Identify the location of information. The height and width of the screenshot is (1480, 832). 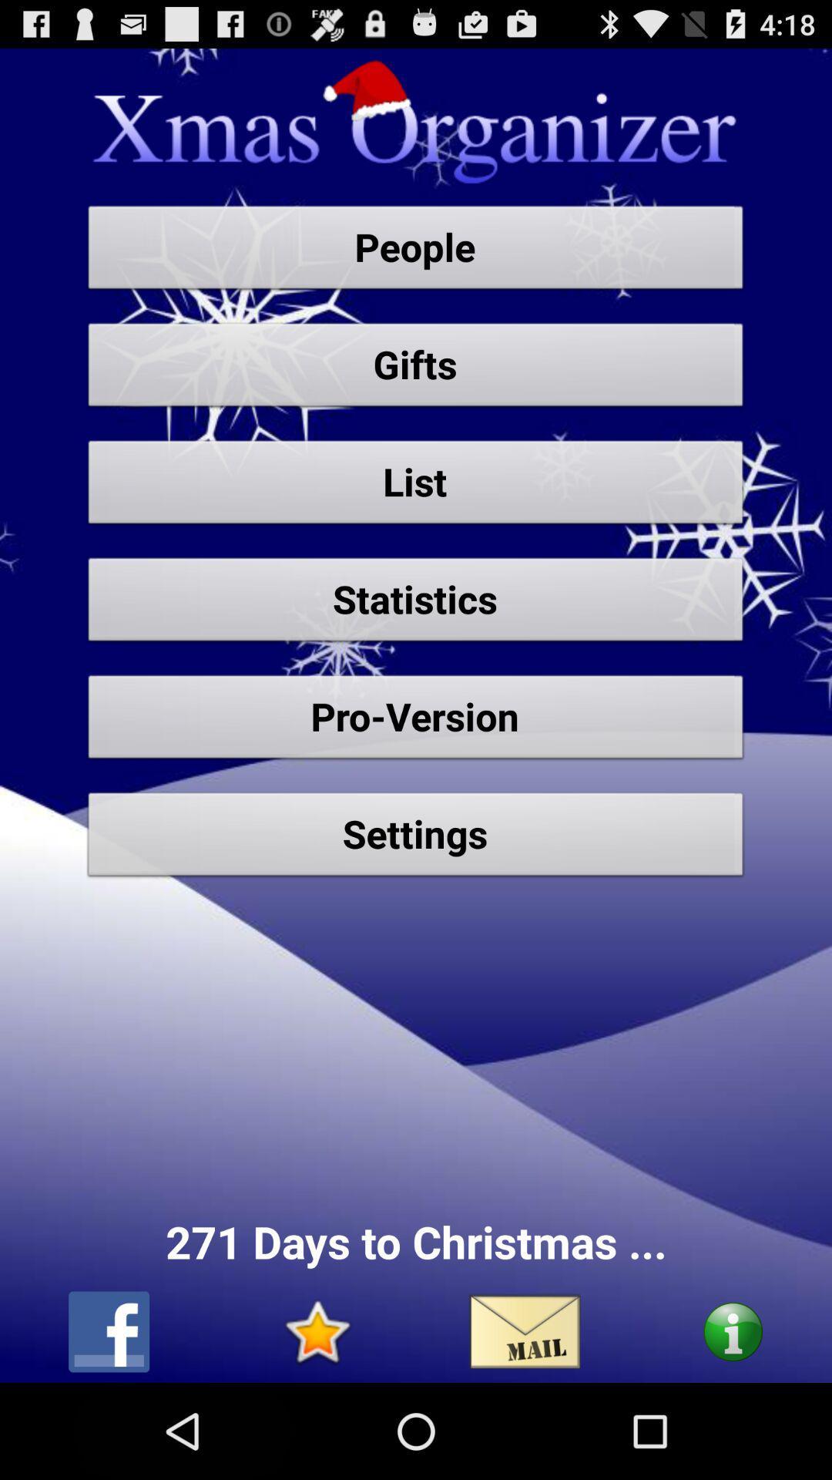
(732, 1331).